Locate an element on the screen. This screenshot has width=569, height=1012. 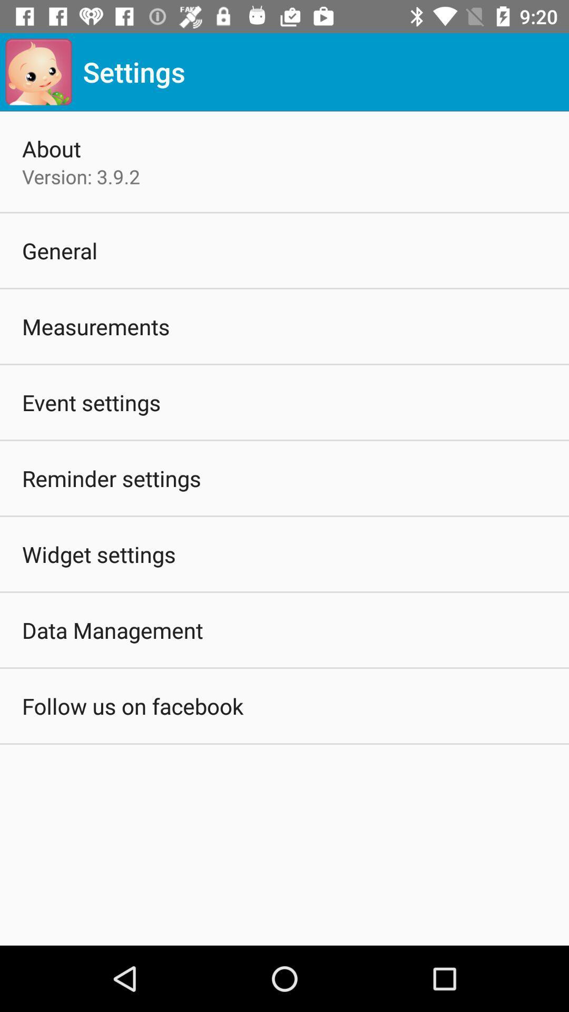
the follow us on item is located at coordinates (132, 706).